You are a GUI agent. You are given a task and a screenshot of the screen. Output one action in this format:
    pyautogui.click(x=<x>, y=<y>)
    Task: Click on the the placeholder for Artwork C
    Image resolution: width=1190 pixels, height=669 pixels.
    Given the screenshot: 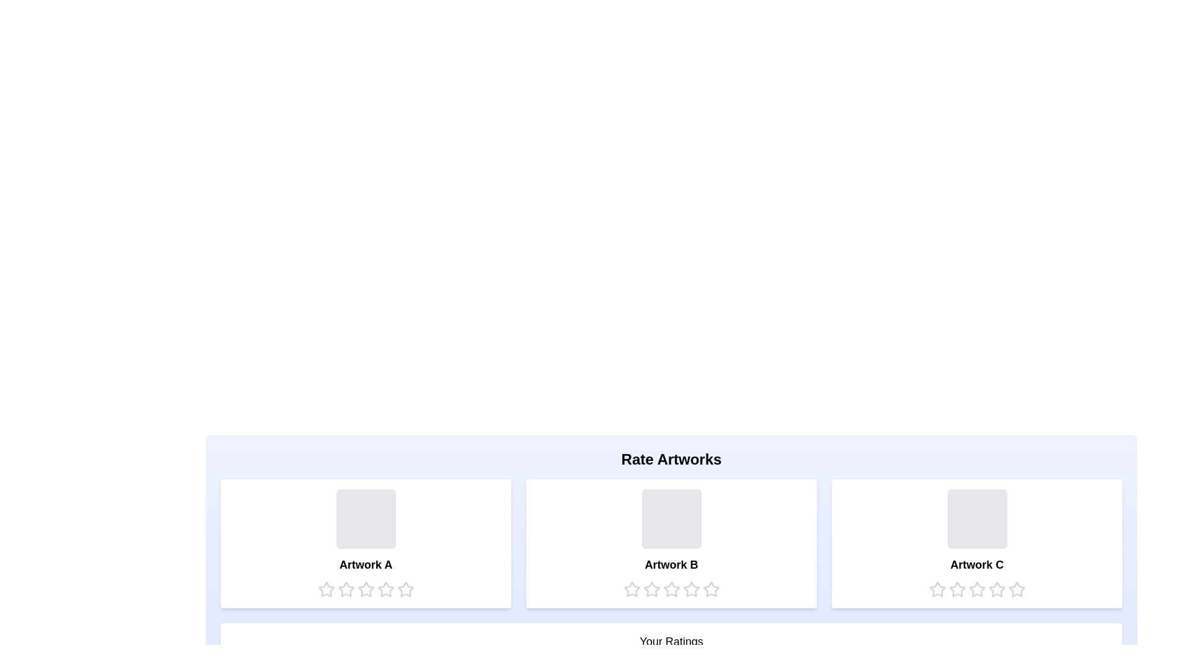 What is the action you would take?
    pyautogui.click(x=976, y=518)
    